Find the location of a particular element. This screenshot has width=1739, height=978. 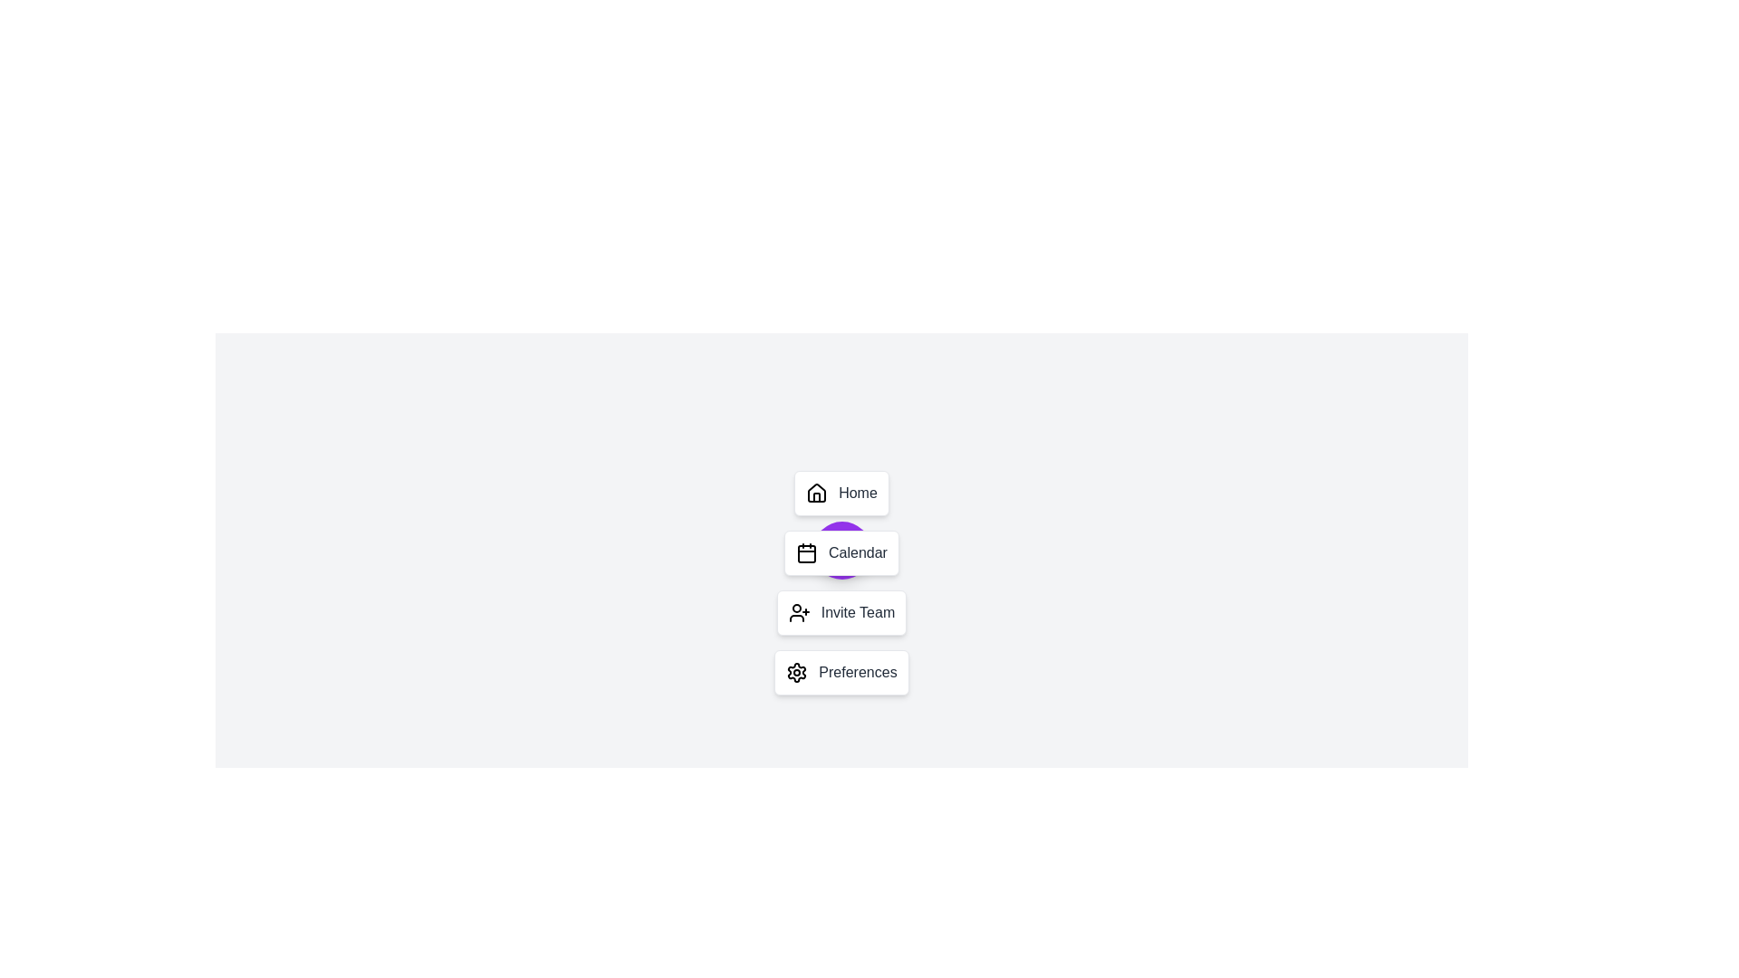

the 'Invite Team' text label, which is part of a vertical menu list and located within the third button from the top, right of the user-plus icon is located at coordinates (857, 612).